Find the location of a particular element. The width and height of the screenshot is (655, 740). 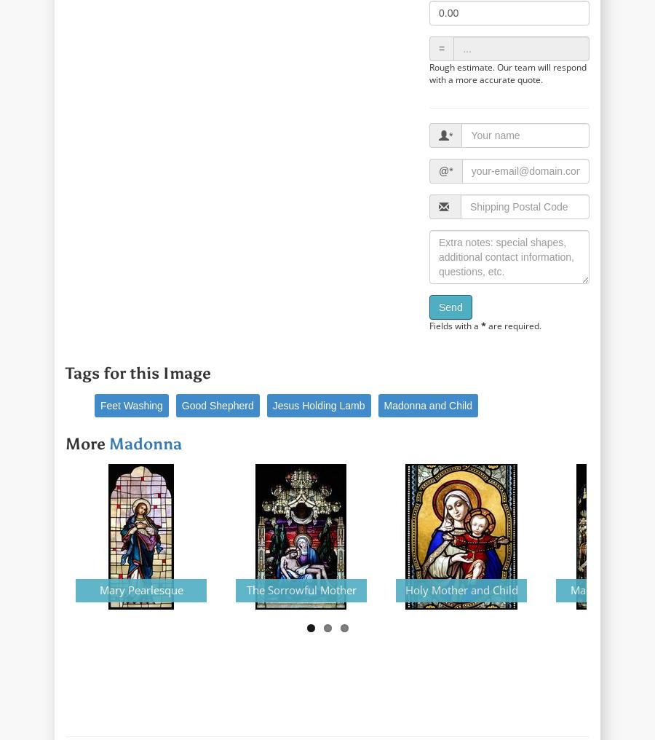

'Mary Pearlesque' is located at coordinates (140, 589).